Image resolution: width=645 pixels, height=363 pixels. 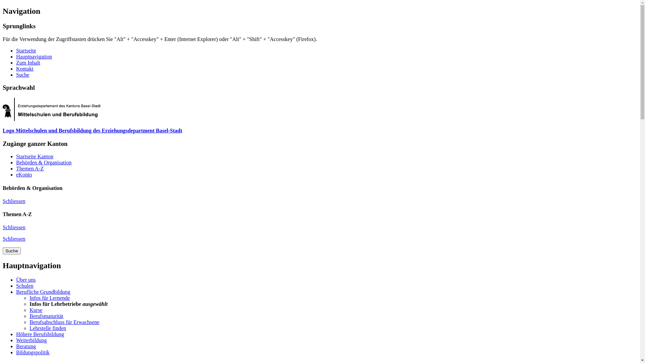 I want to click on 'Schliessen', so click(x=3, y=238).